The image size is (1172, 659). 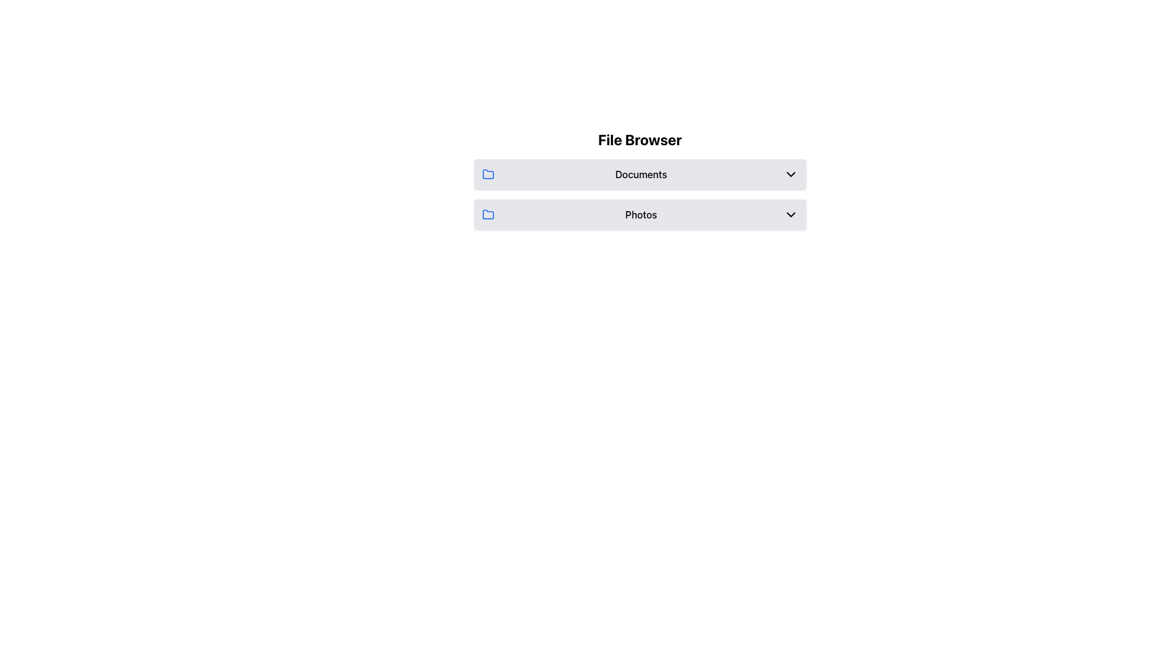 I want to click on the first item in the vertical list under the 'File Browser' heading, so click(x=639, y=174).